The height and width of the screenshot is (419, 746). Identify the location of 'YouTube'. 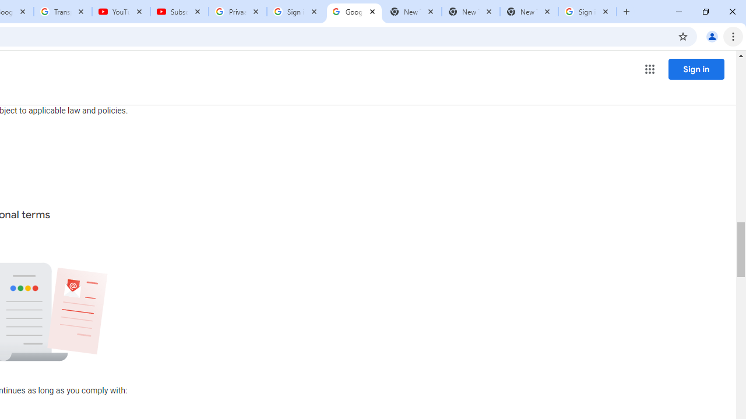
(121, 12).